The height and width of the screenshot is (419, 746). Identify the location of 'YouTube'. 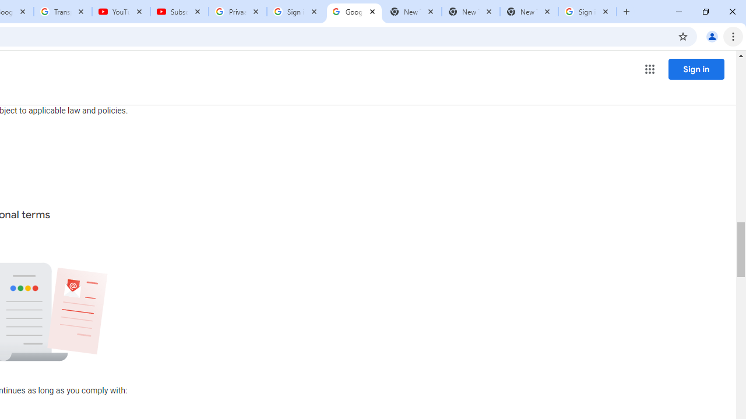
(121, 12).